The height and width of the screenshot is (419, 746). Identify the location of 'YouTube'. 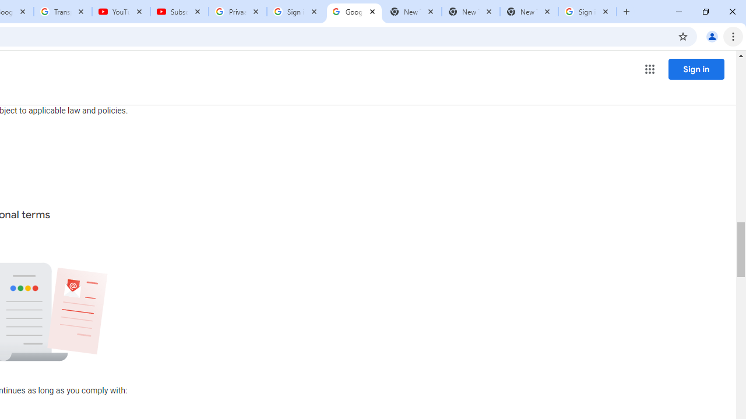
(121, 12).